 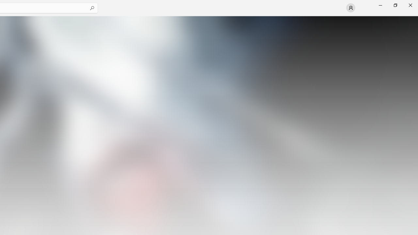 I want to click on 'Restore Microsoft Store', so click(x=395, y=5).